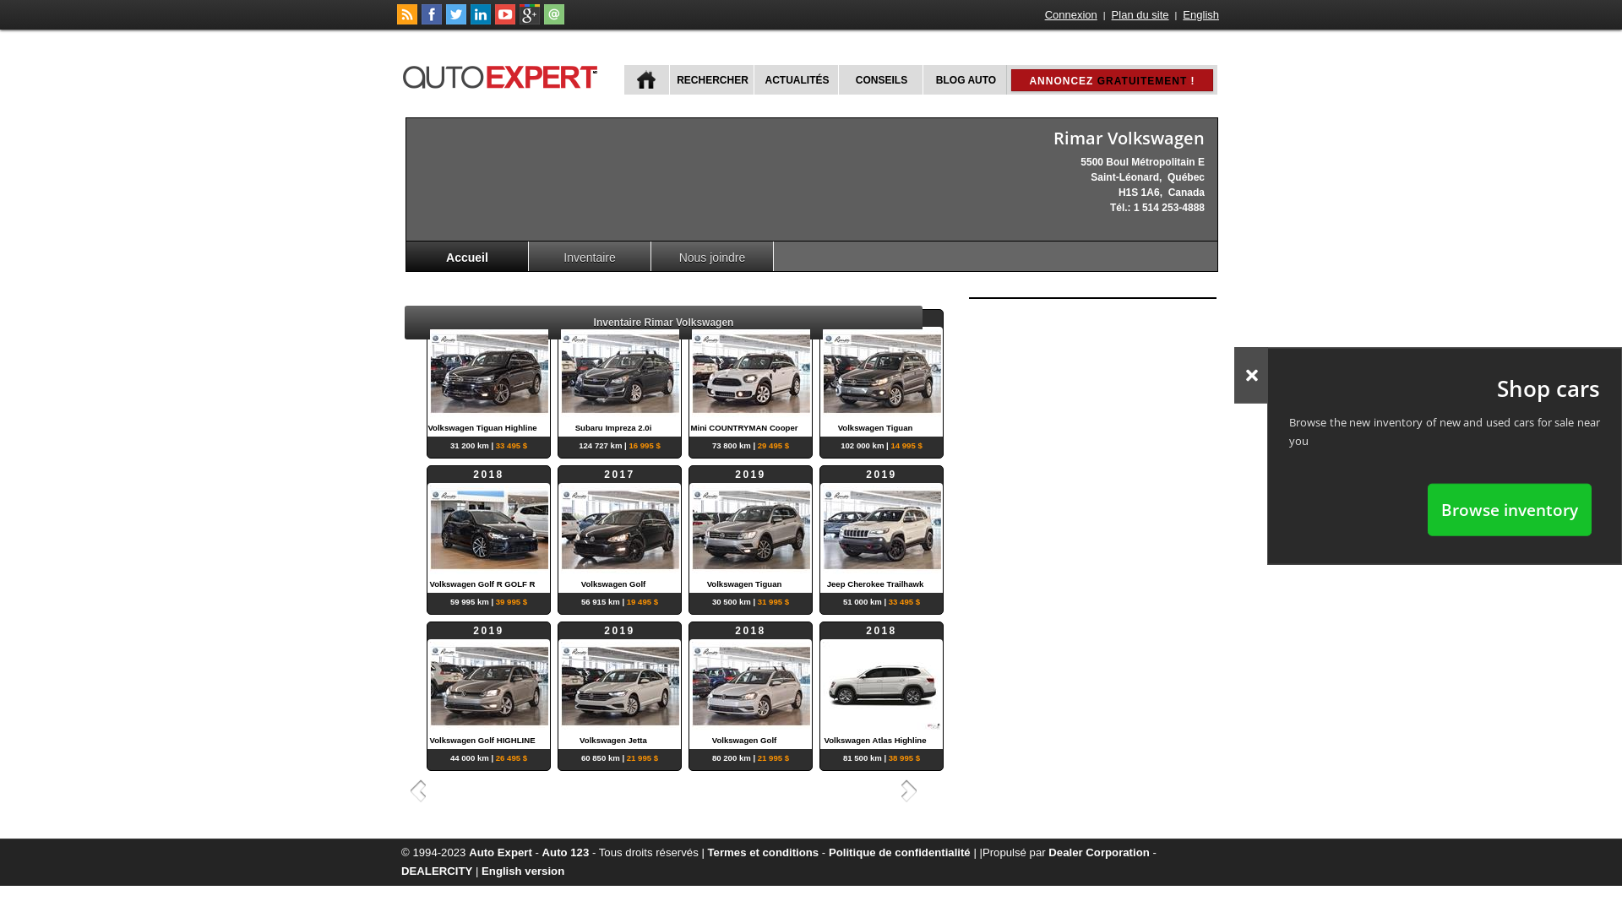  What do you see at coordinates (566, 852) in the screenshot?
I see `'Auto 123'` at bounding box center [566, 852].